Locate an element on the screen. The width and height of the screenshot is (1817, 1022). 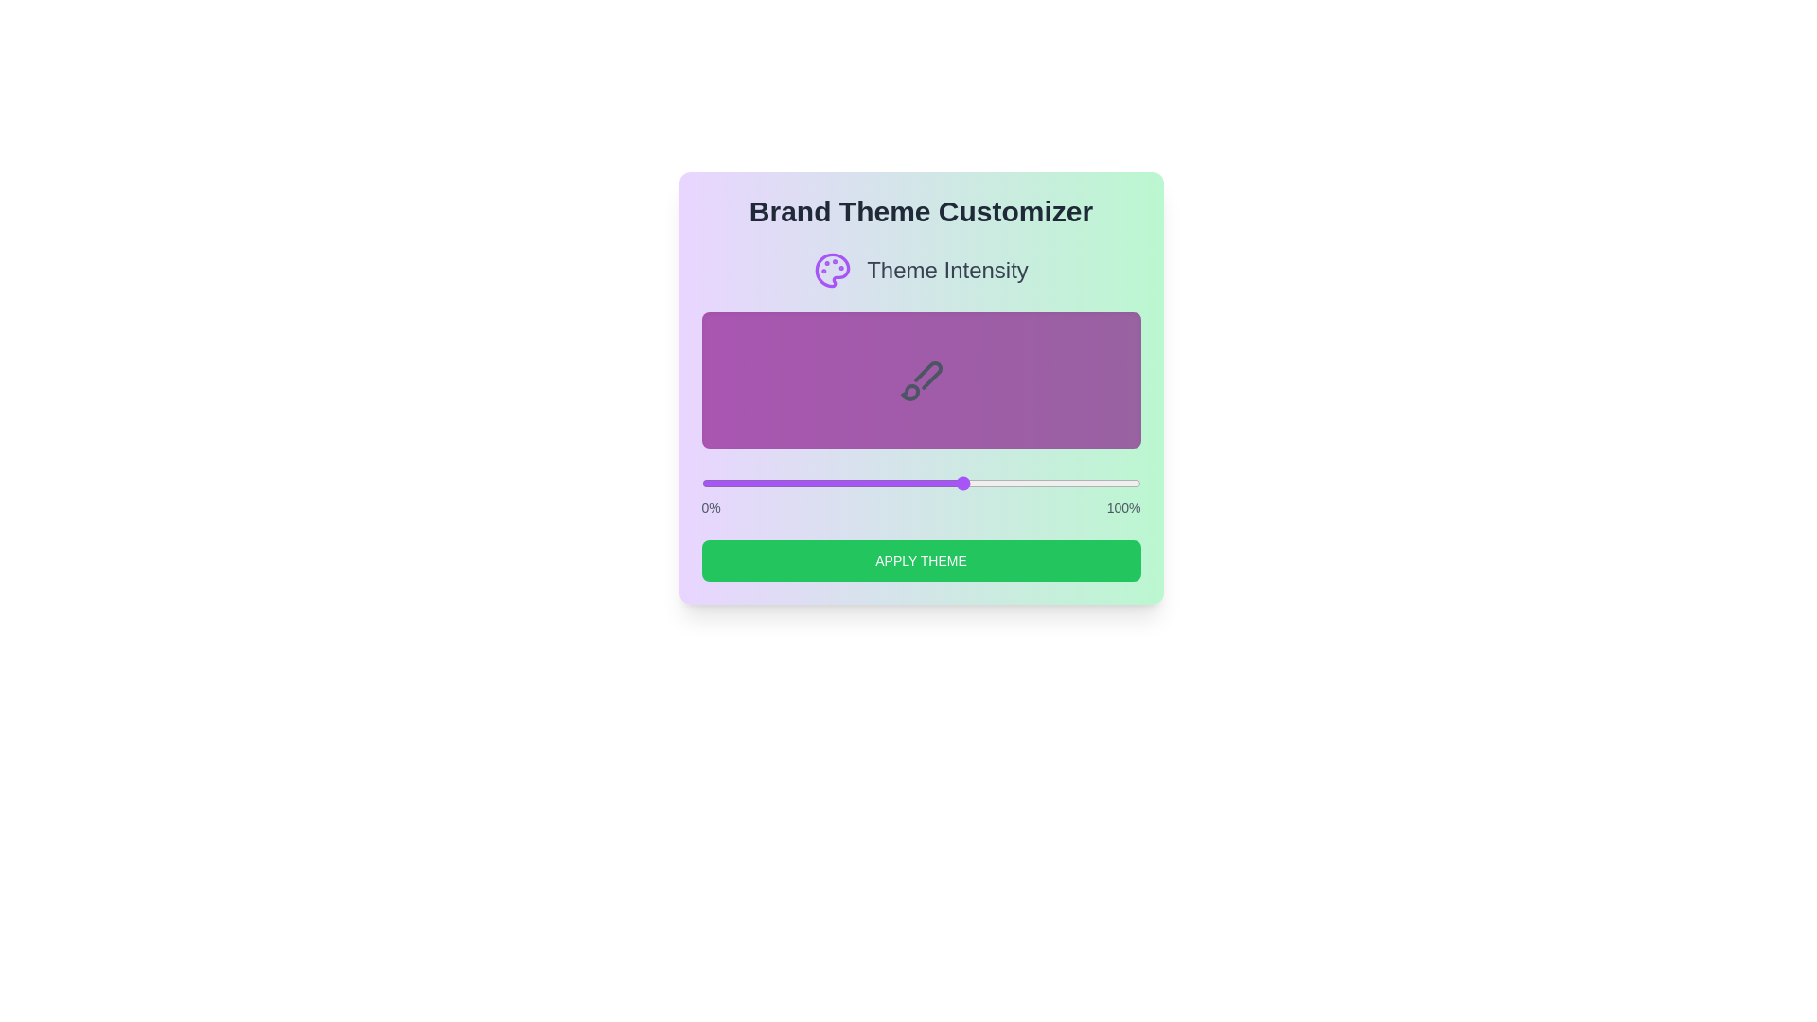
'Apply Theme' button to apply the selected theme is located at coordinates (921, 560).